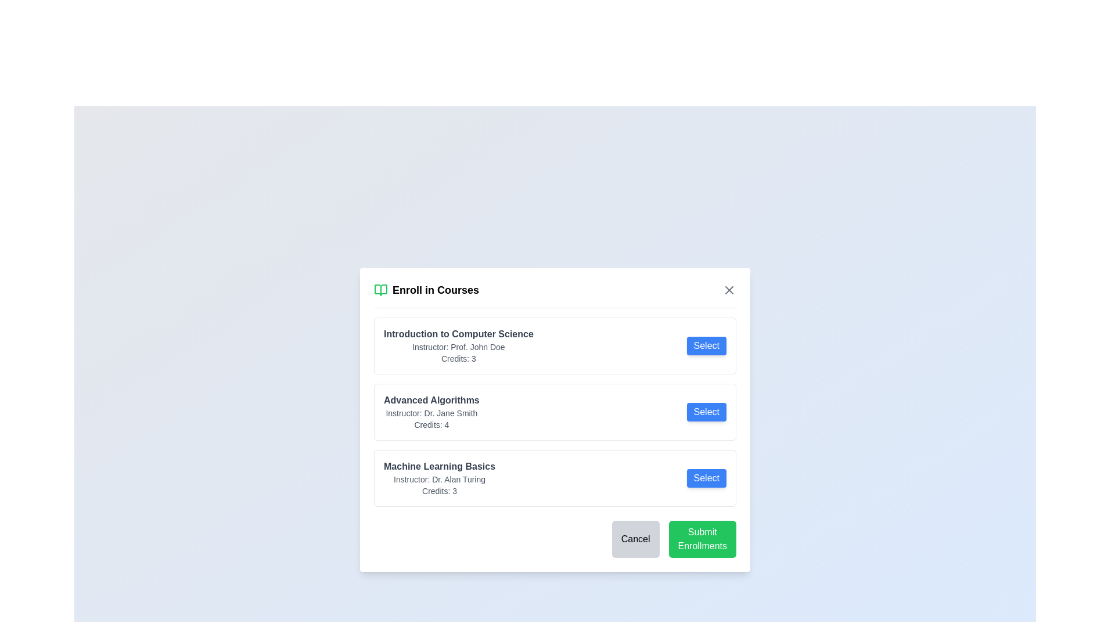  What do you see at coordinates (706, 411) in the screenshot?
I see `the 'Select' button, which is a rectangular button with rounded corners, a blue background, and white text, located to the right of the 'Advanced Algorithms' course description` at bounding box center [706, 411].